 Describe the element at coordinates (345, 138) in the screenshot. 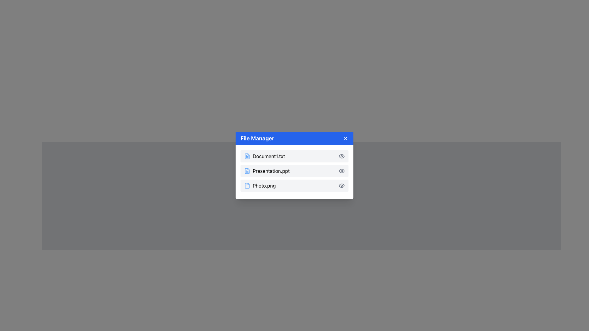

I see `the close button icon located in the top-right corner of the 'File Manager' dialog box, which is represented by an 'X' shaped icon` at that location.